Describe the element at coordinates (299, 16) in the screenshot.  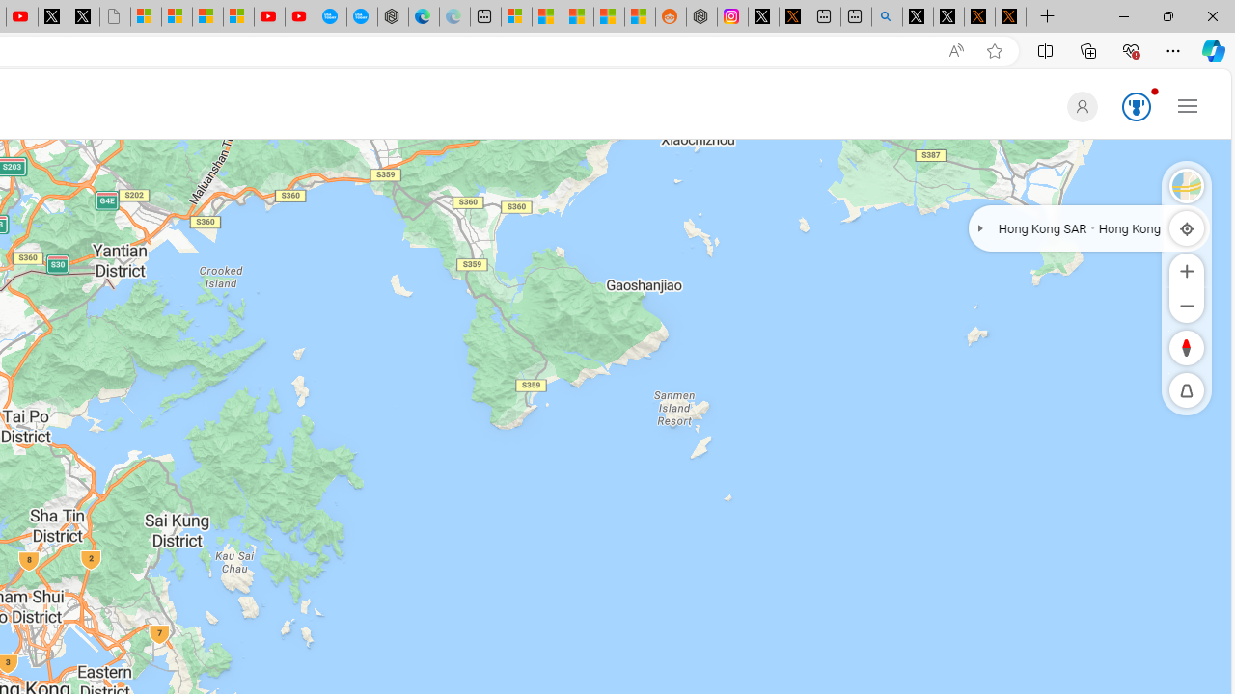
I see `'YouTube Kids - An App Created for Kids to Explore Content'` at that location.